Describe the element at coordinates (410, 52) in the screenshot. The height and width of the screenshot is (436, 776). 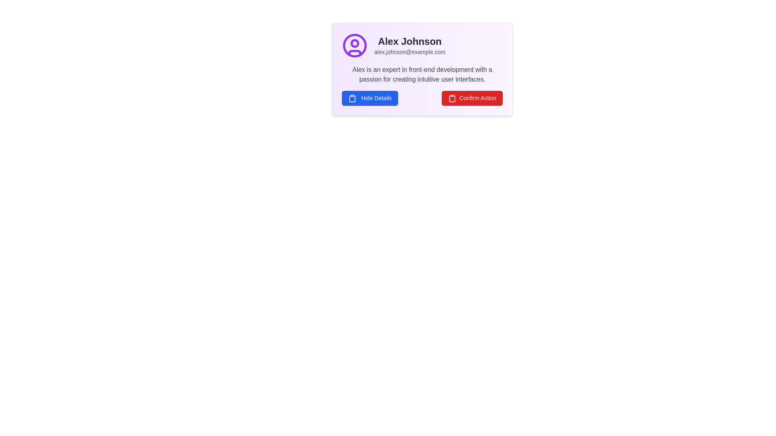
I see `the static text element displaying the email address 'alex.johnson@example.com', which is located below the name 'Alex Johnson' in the profile details section of the card layout` at that location.